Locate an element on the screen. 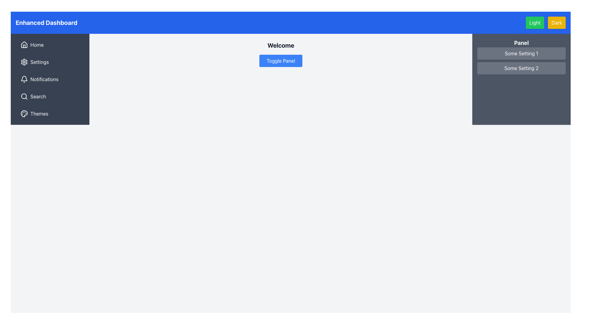  the 'Toggle Panel' button, which is a rectangular button with a blue background and white text, located centrally under the 'Welcome' heading is located at coordinates (280, 58).